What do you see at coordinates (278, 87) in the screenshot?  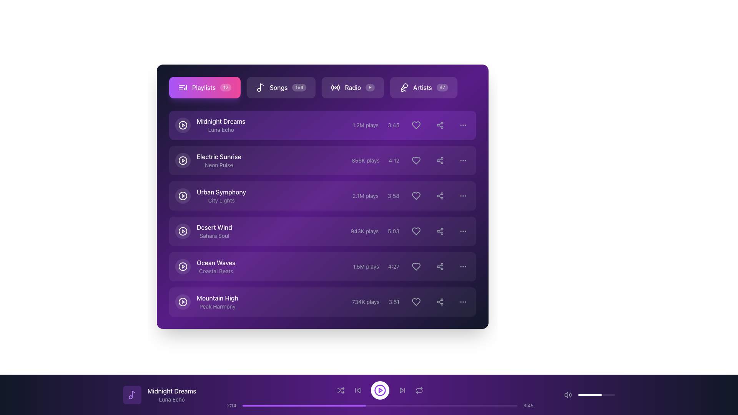 I see `the content of the Text label that represents a category or section in the navigation bar, positioned second from the left and centrally aligned` at bounding box center [278, 87].